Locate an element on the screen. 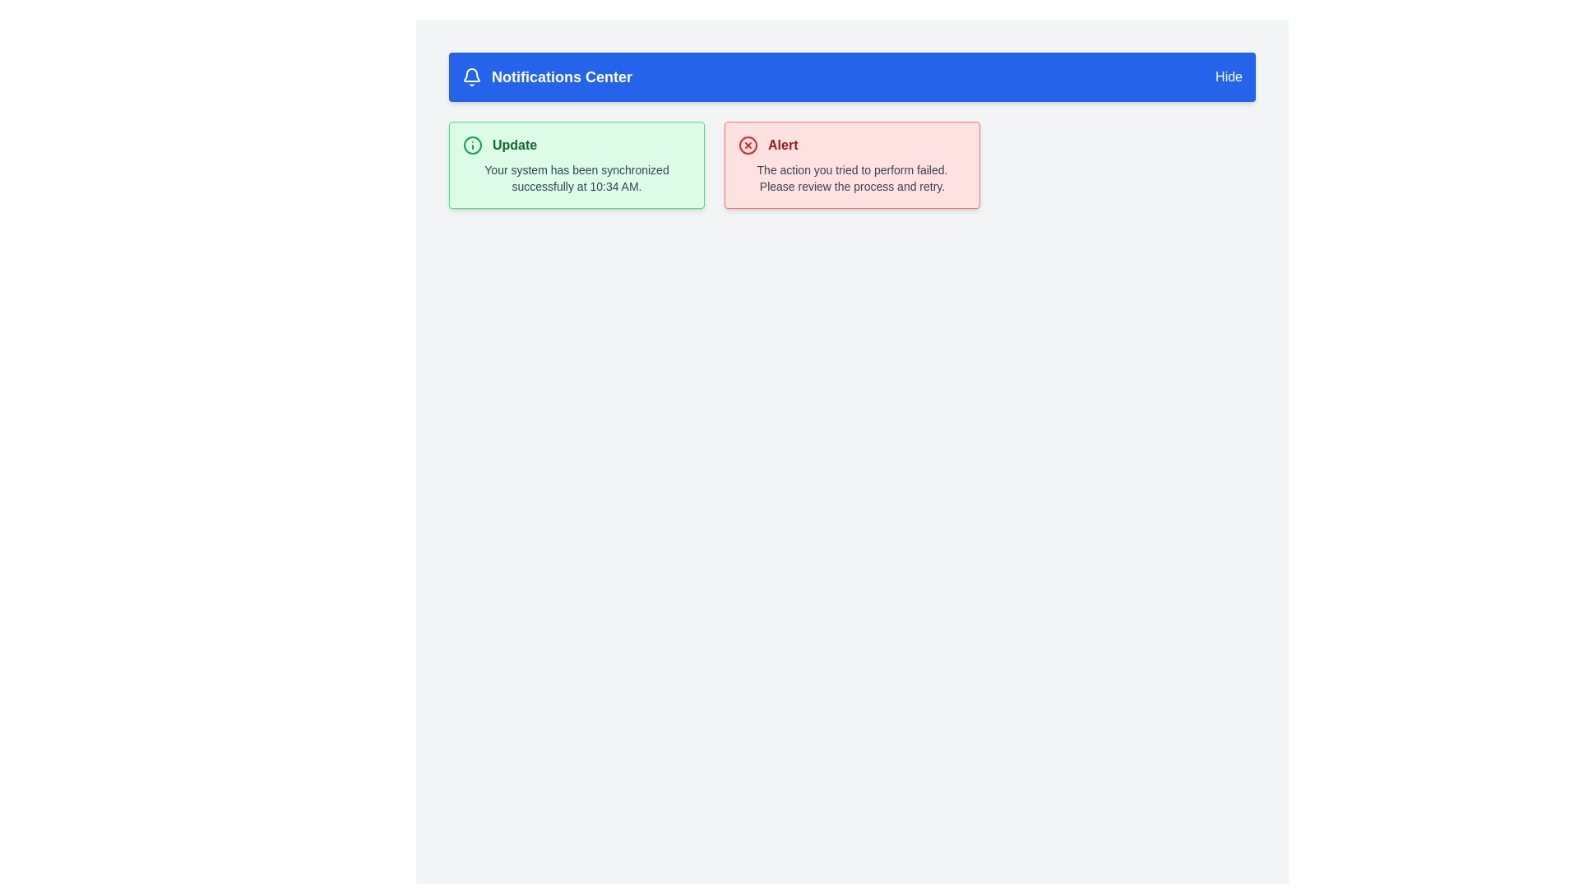 The height and width of the screenshot is (888, 1579). title of the alert notification card, which is displayed next to a red circular icon in the header is located at coordinates (852, 145).